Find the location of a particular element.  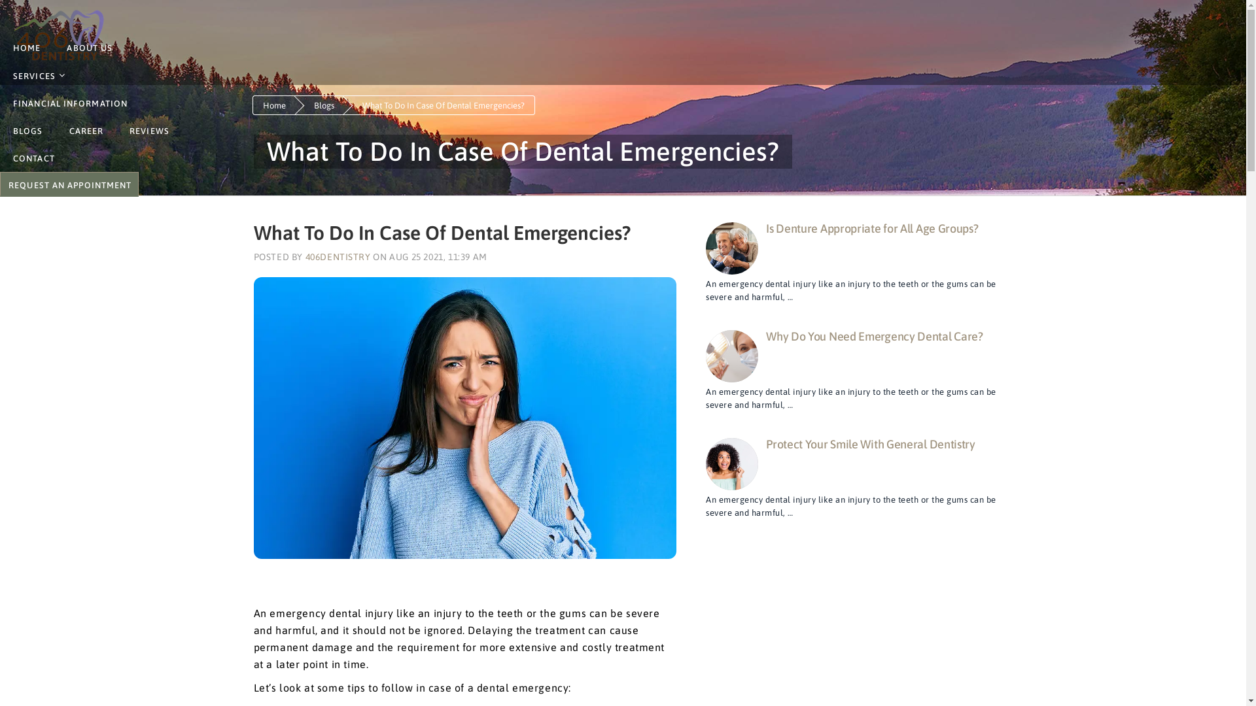

'BOOK ONLINE' is located at coordinates (68, 184).